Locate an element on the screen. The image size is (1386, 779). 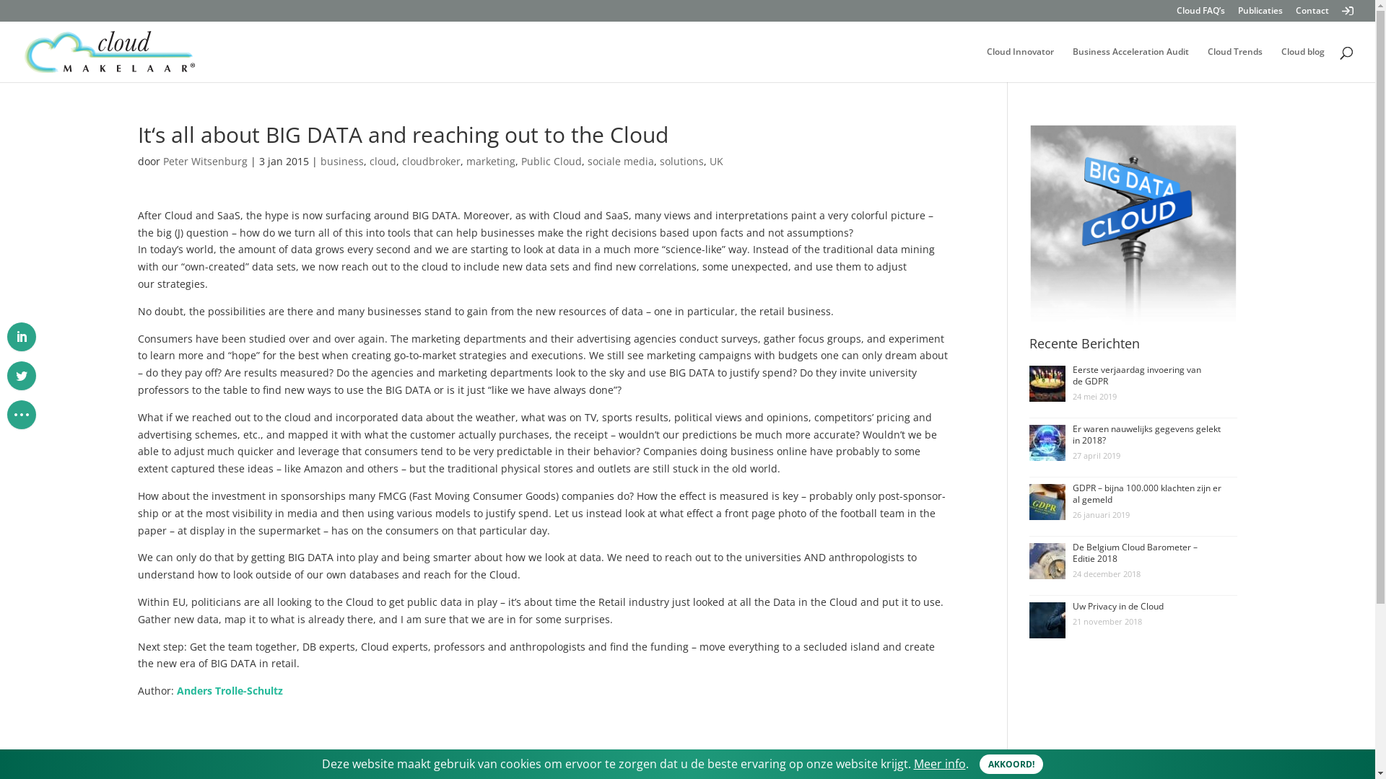
'UK' is located at coordinates (715, 161).